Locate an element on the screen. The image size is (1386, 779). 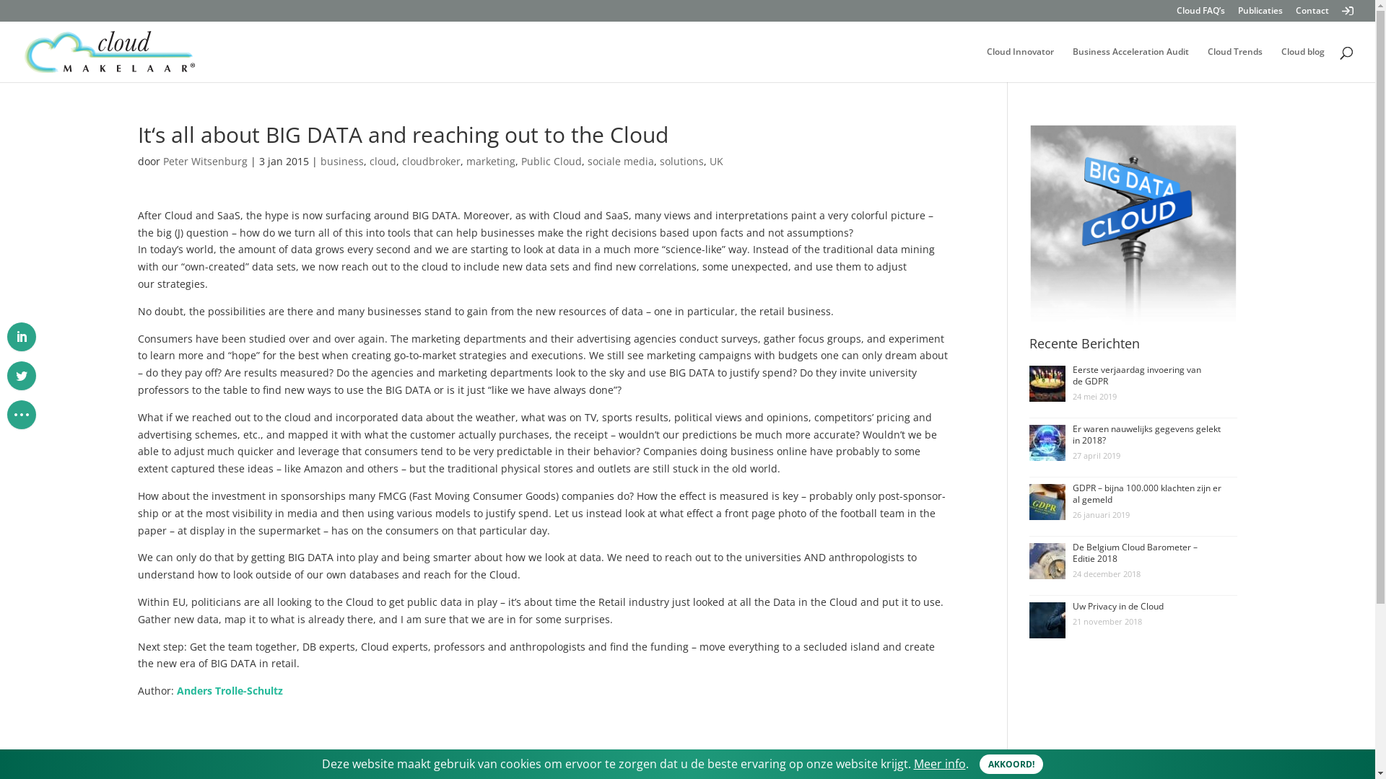
'UK' is located at coordinates (715, 161).